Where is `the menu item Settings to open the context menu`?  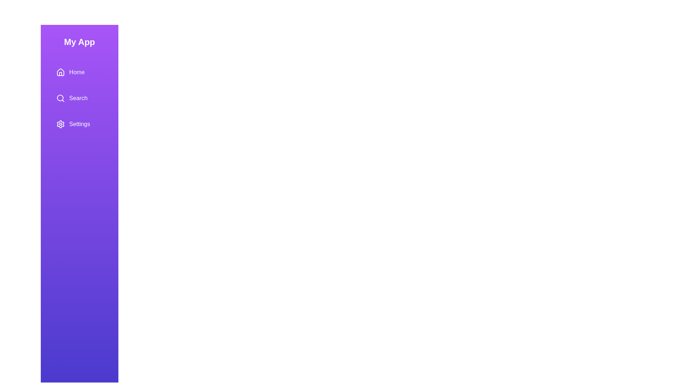 the menu item Settings to open the context menu is located at coordinates (79, 124).